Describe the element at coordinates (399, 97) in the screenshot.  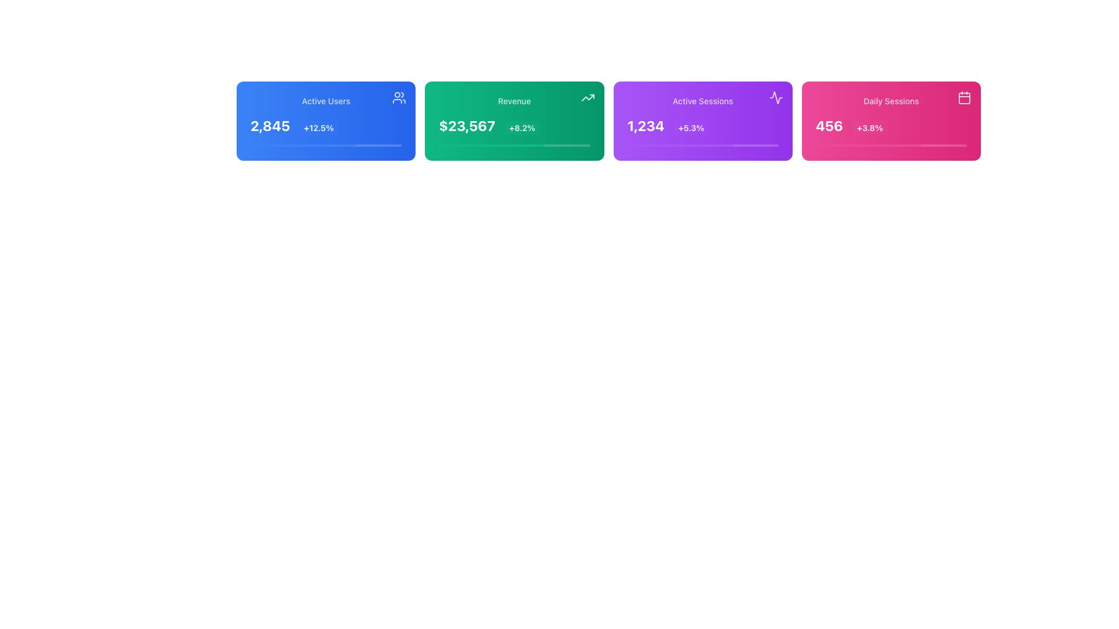
I see `the design of the Icon representing the 'Active Users' card, located in the top-right corner of a blue rectangular card adjacent to its title` at that location.